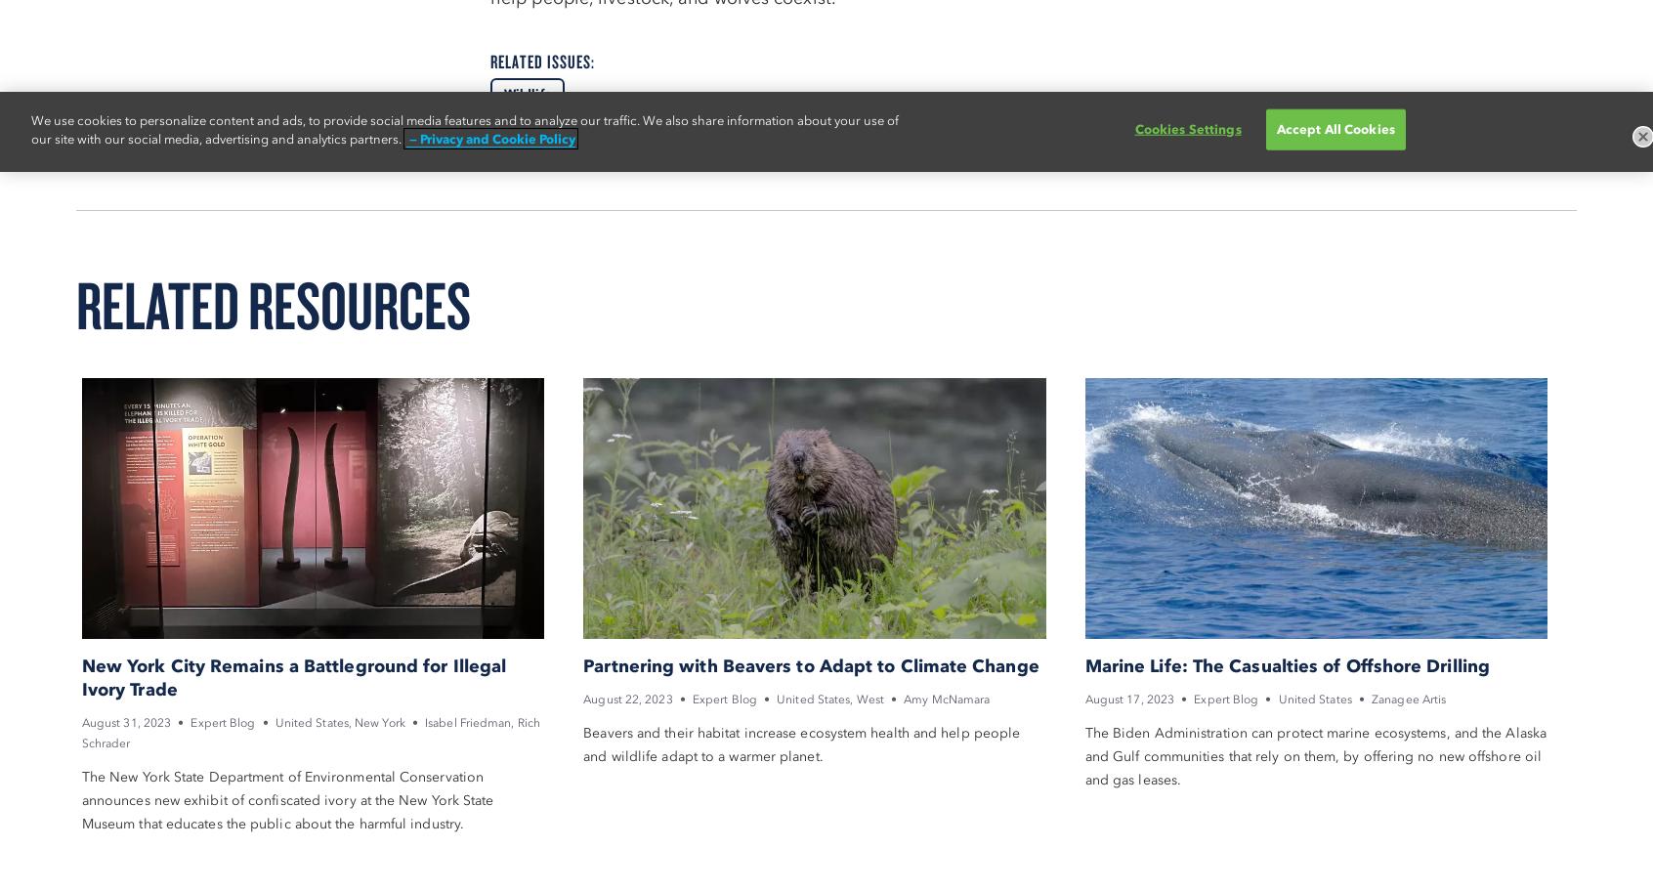  Describe the element at coordinates (125, 721) in the screenshot. I see `'August 31, 2023'` at that location.